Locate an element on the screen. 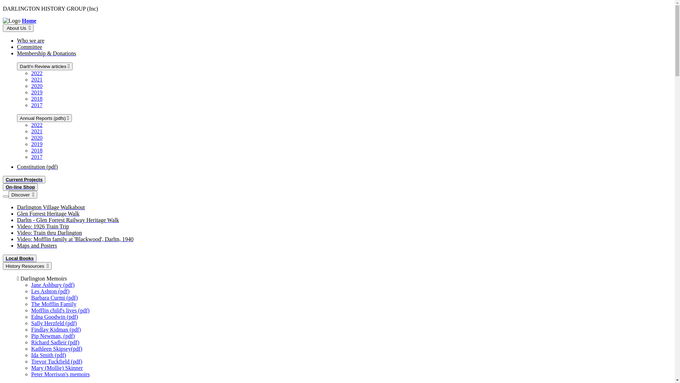 The height and width of the screenshot is (383, 680). '2018' is located at coordinates (36, 99).